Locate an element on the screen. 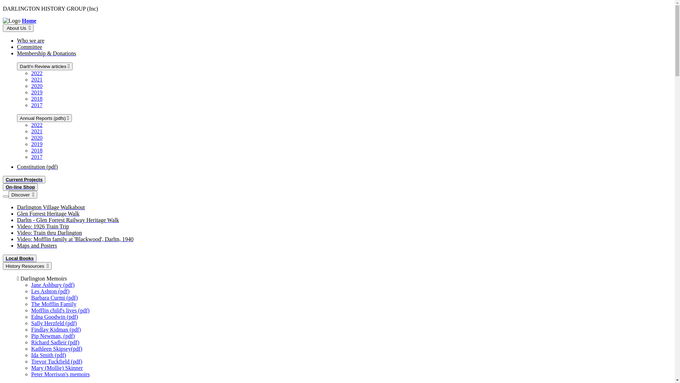 The height and width of the screenshot is (383, 680). '2018' is located at coordinates (36, 99).